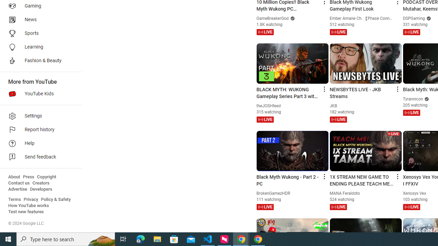  I want to click on 'News', so click(38, 19).